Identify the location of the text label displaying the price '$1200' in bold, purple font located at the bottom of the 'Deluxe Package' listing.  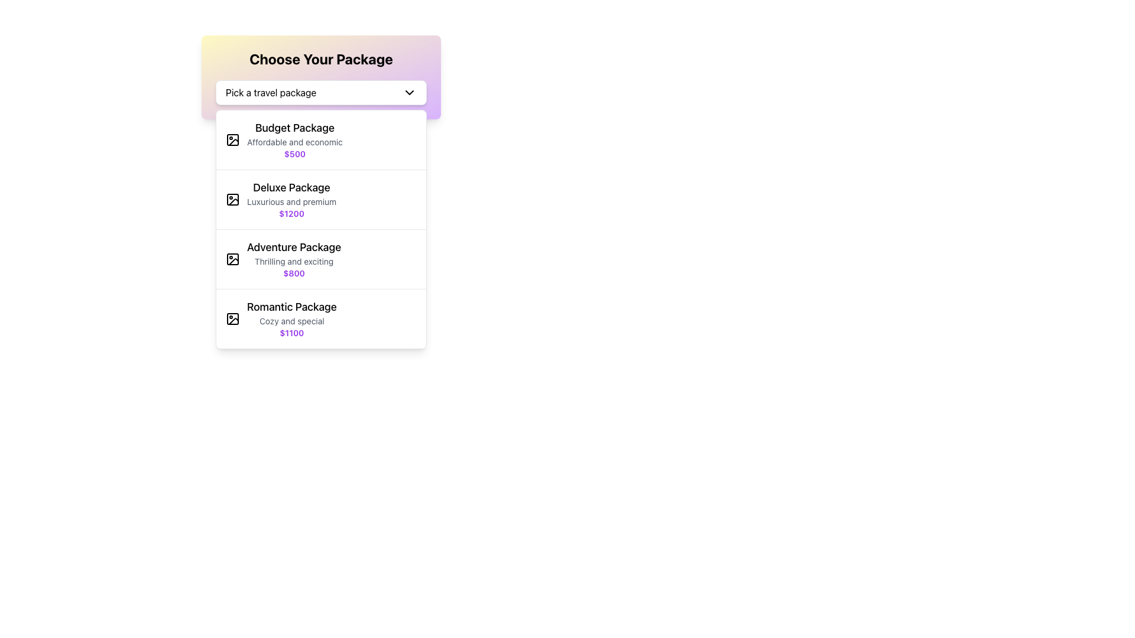
(291, 214).